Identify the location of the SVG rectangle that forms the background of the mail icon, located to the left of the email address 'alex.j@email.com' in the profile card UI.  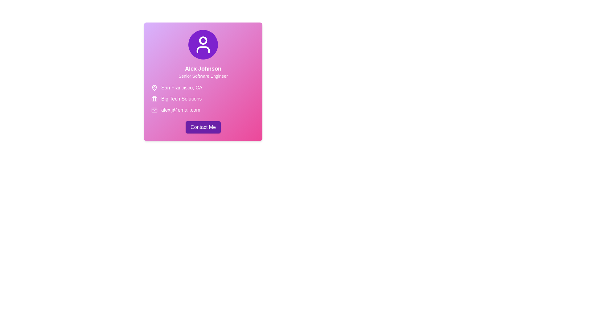
(154, 110).